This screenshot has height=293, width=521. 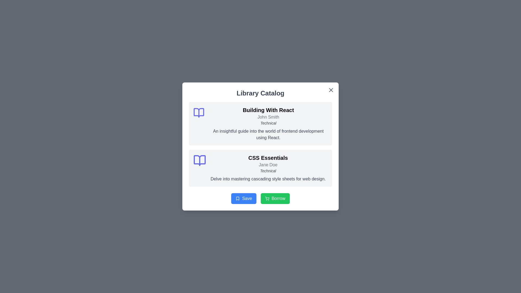 What do you see at coordinates (268, 117) in the screenshot?
I see `the text label element displaying 'John Smith', which is positioned below the title 'Building With React'` at bounding box center [268, 117].